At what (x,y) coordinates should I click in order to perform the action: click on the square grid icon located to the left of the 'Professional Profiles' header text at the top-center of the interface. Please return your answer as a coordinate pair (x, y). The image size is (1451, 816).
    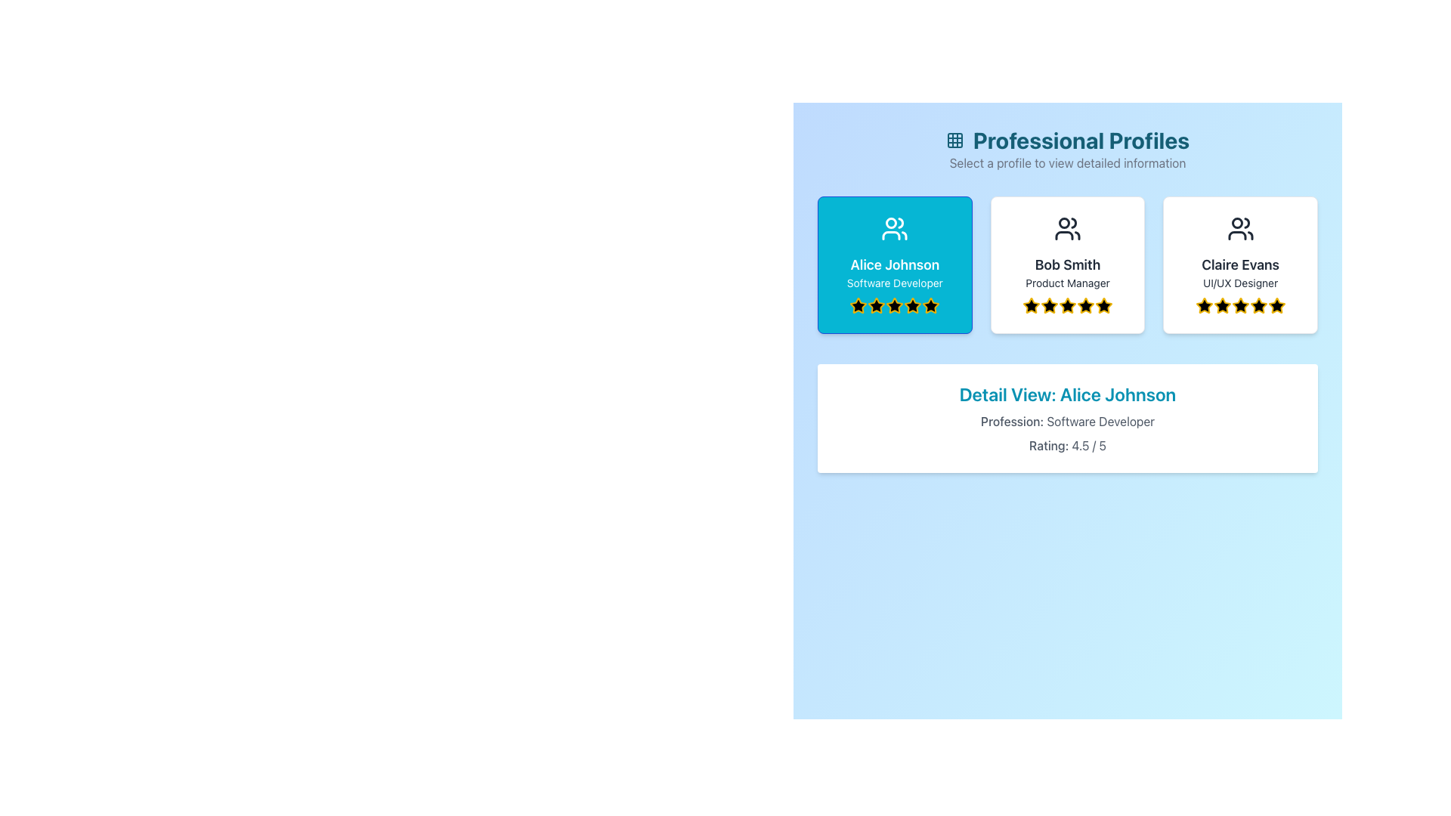
    Looking at the image, I should click on (954, 140).